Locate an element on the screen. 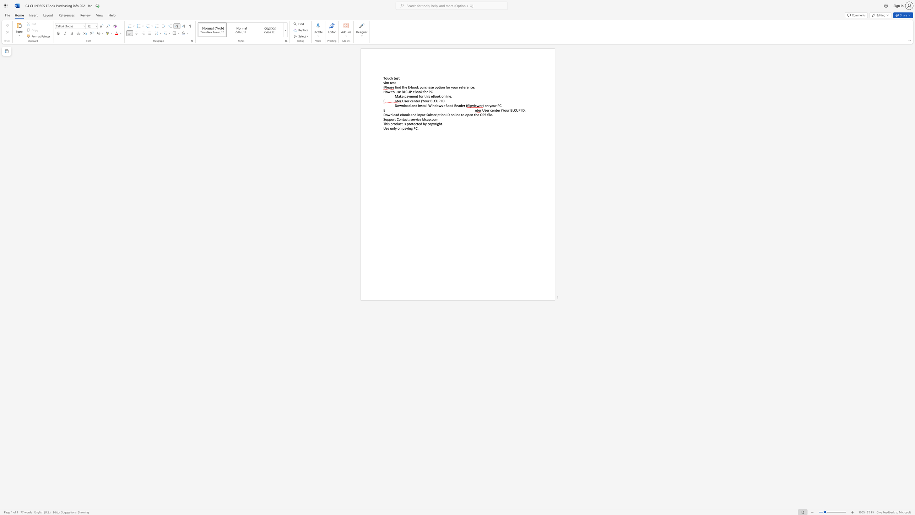  the 2th character "o" in the text is located at coordinates (492, 106).